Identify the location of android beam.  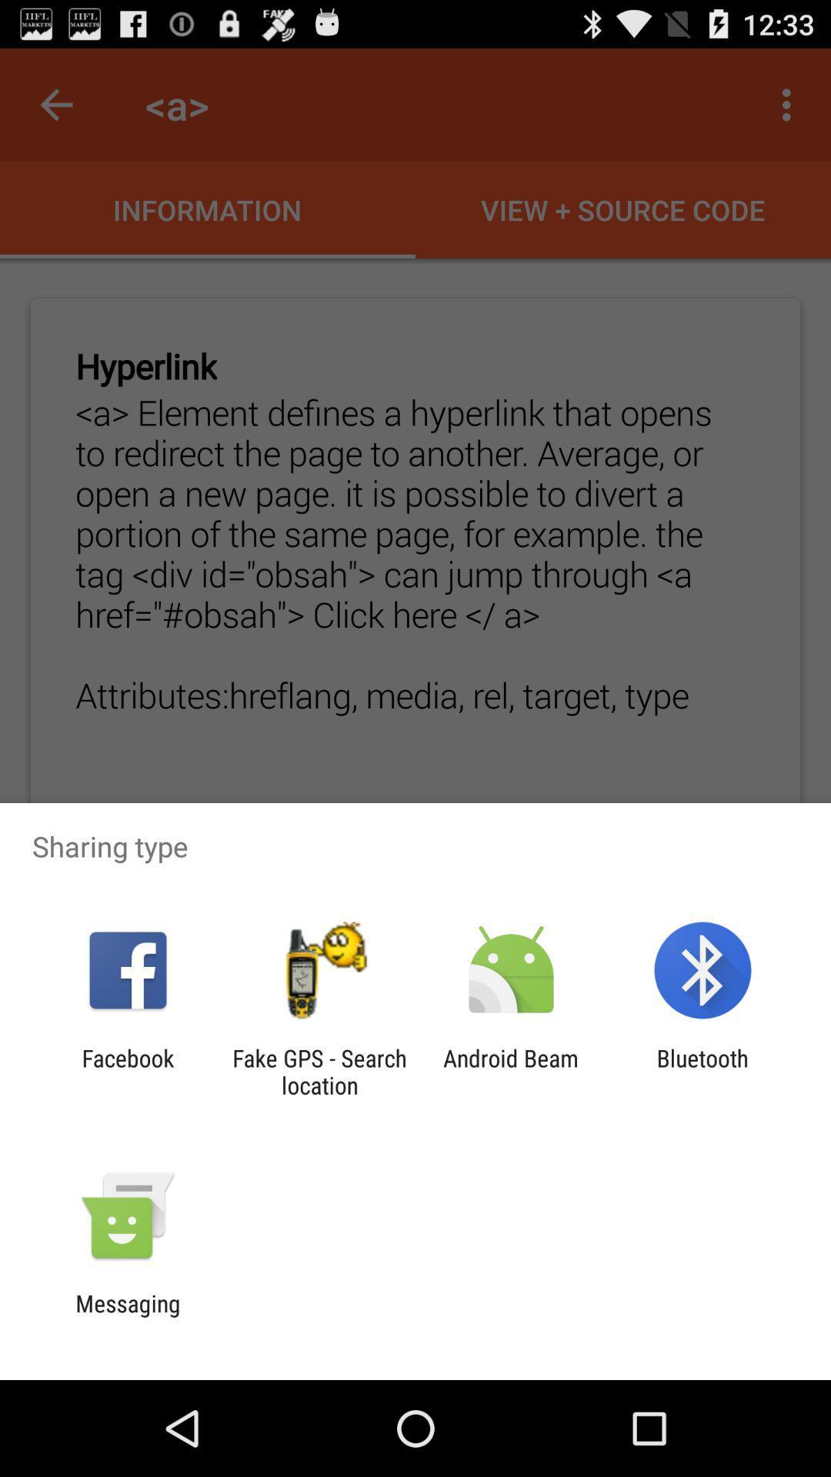
(511, 1071).